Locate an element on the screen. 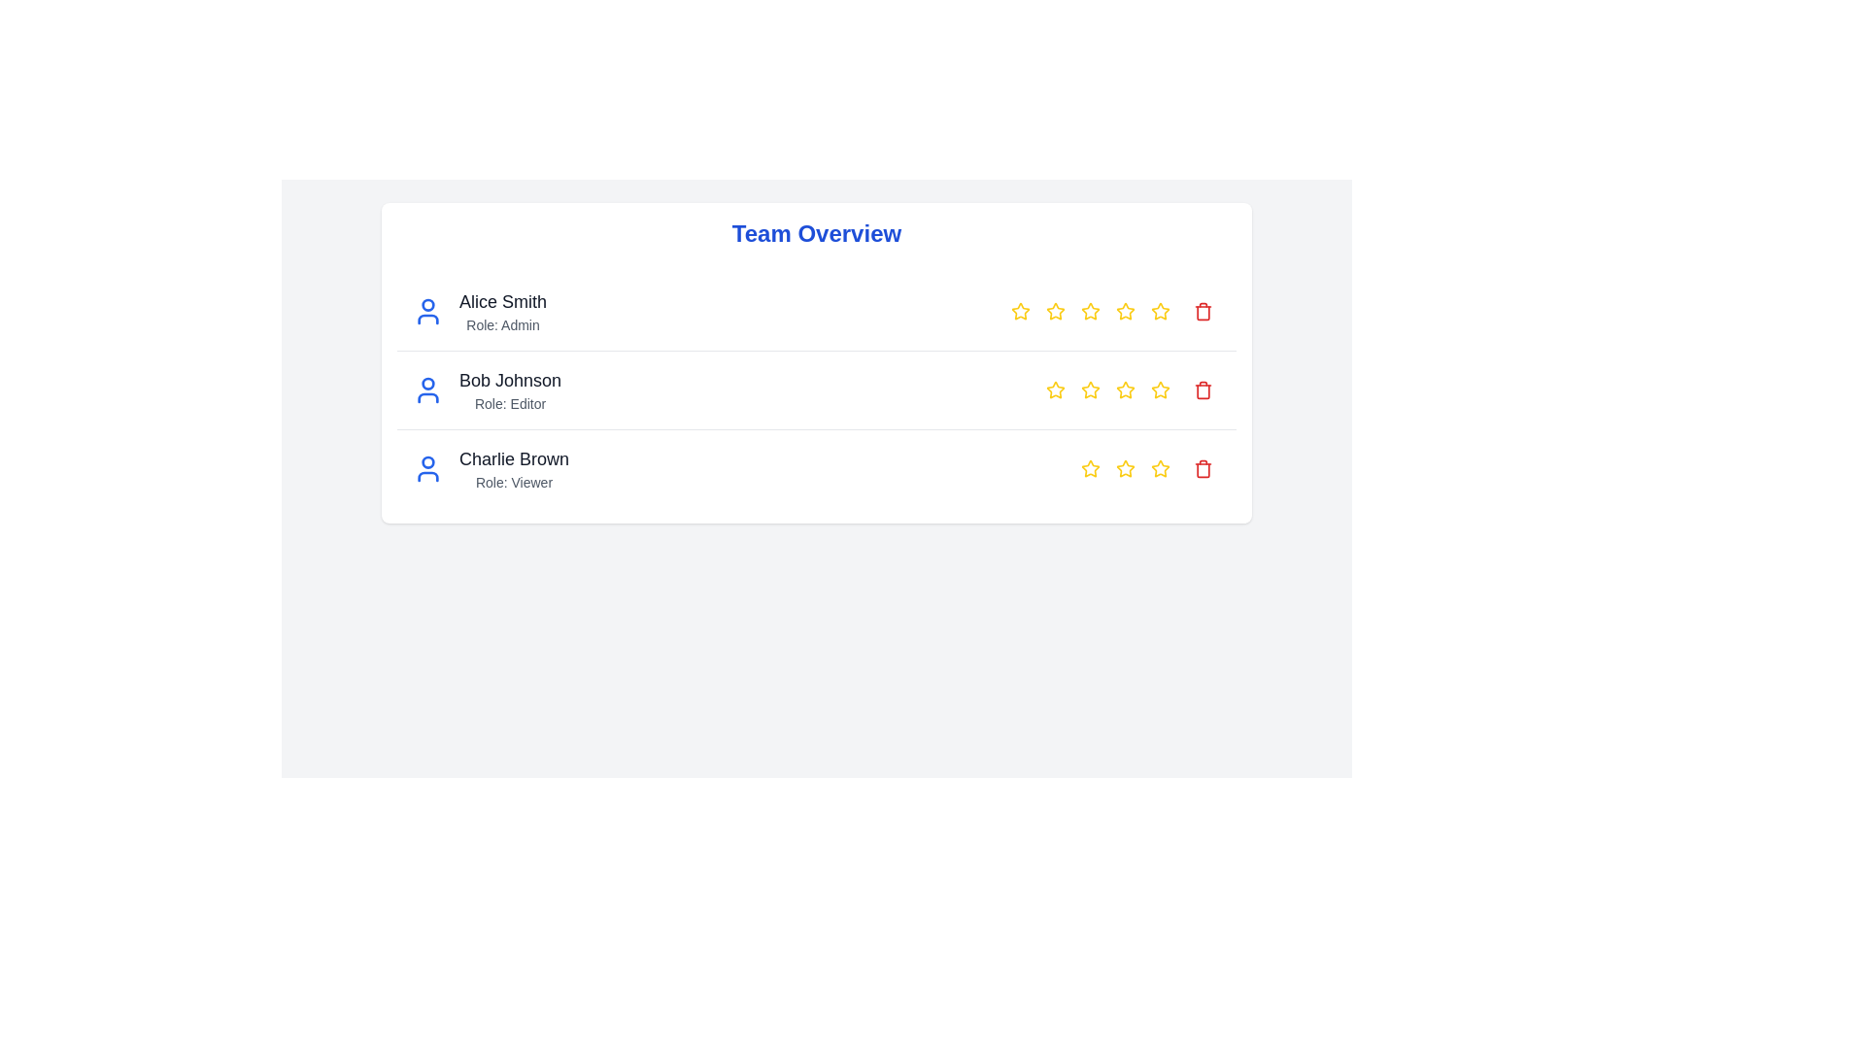  the second yellow star icon is located at coordinates (1054, 310).